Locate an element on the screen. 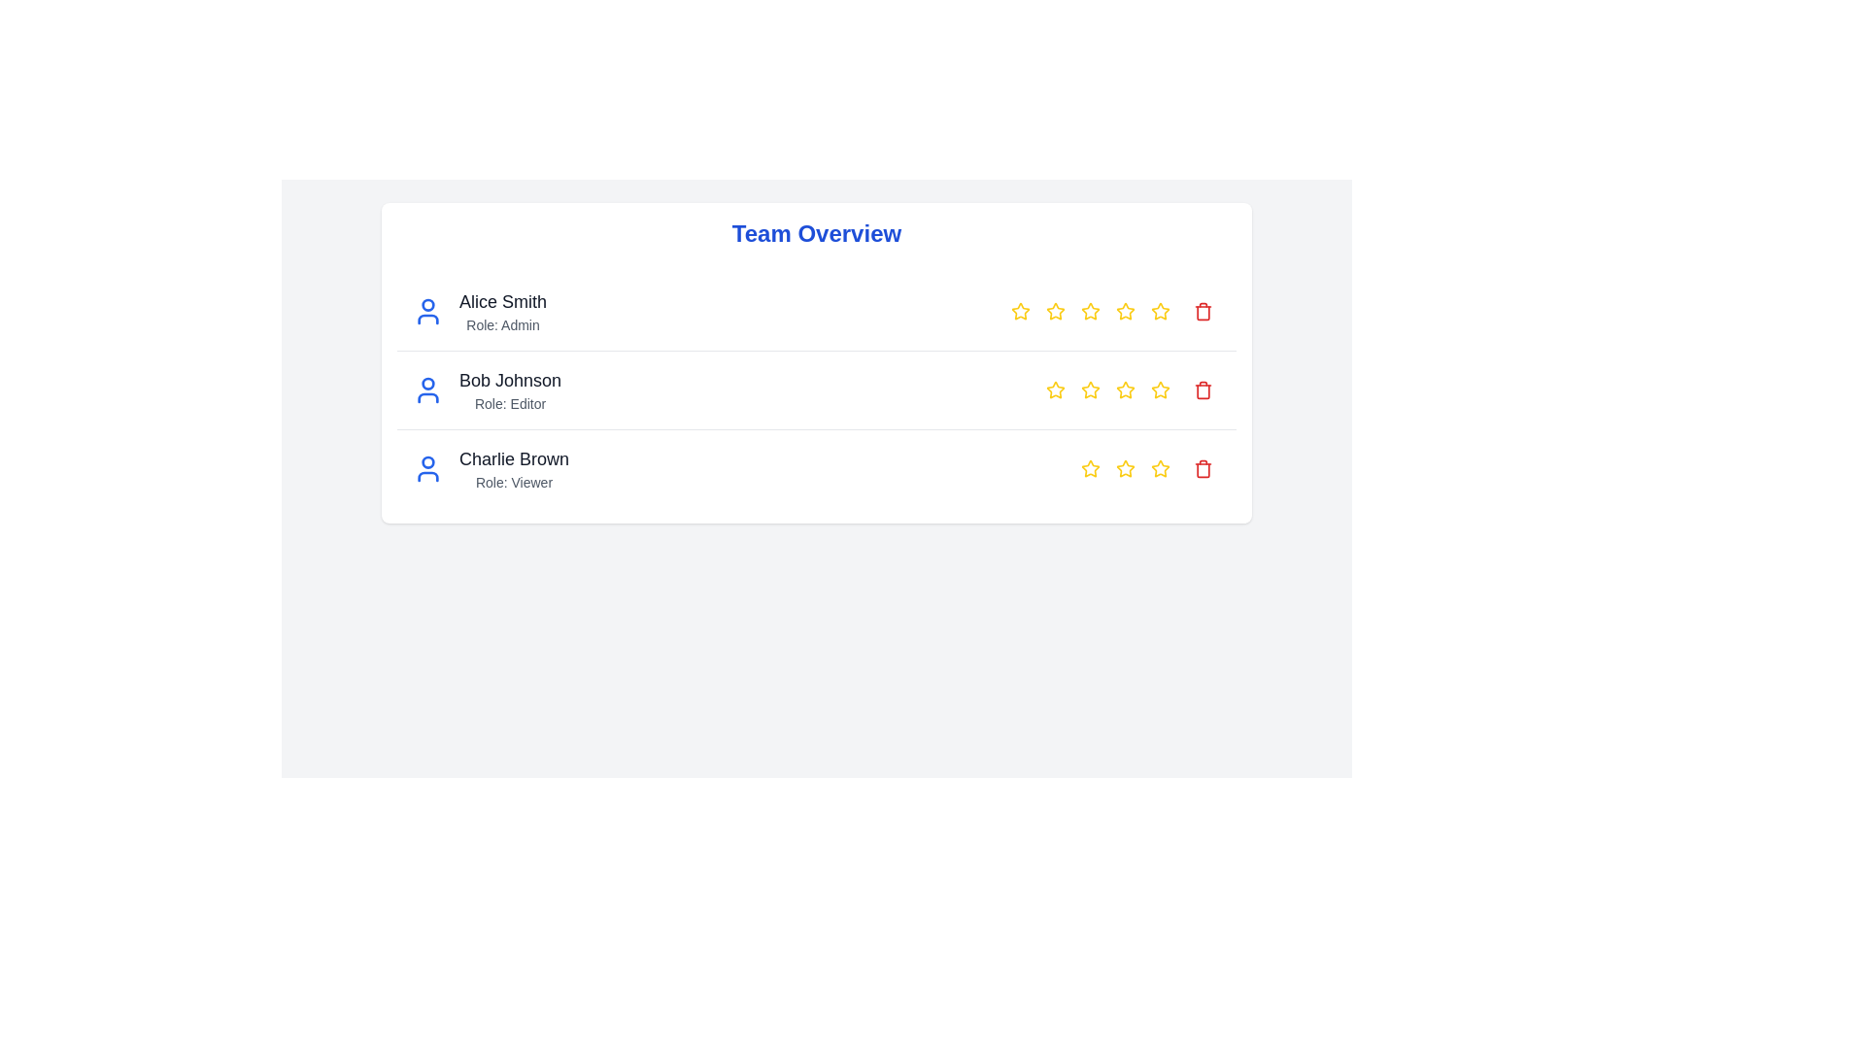  the second yellow star icon is located at coordinates (1054, 310).